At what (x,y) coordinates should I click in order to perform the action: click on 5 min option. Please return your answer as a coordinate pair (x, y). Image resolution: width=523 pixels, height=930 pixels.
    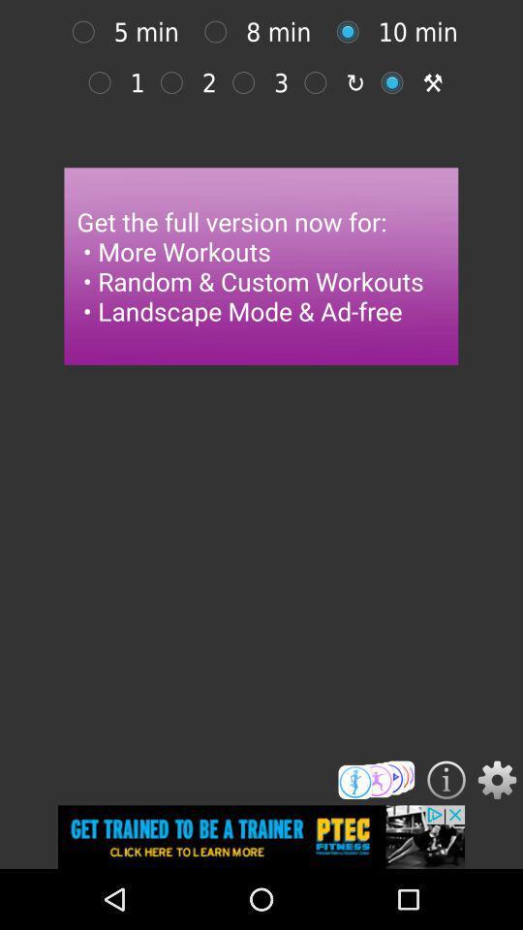
    Looking at the image, I should click on (87, 31).